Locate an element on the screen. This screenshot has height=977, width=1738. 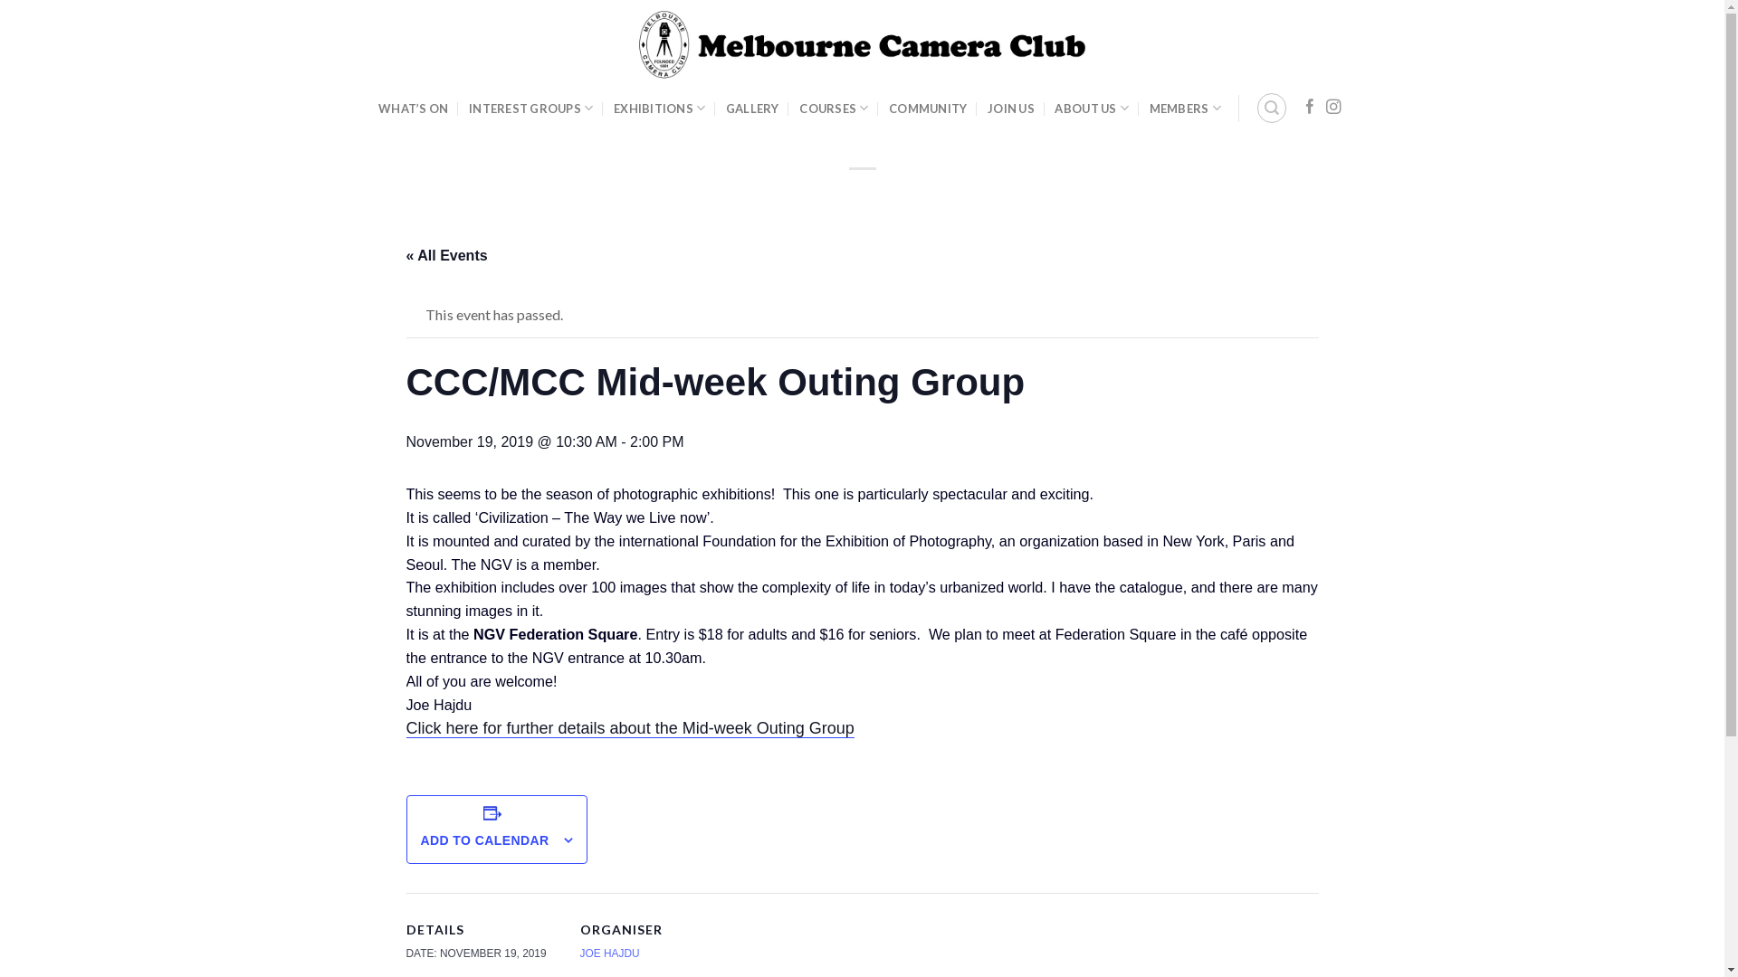
'EXHIBITIONS' is located at coordinates (613, 108).